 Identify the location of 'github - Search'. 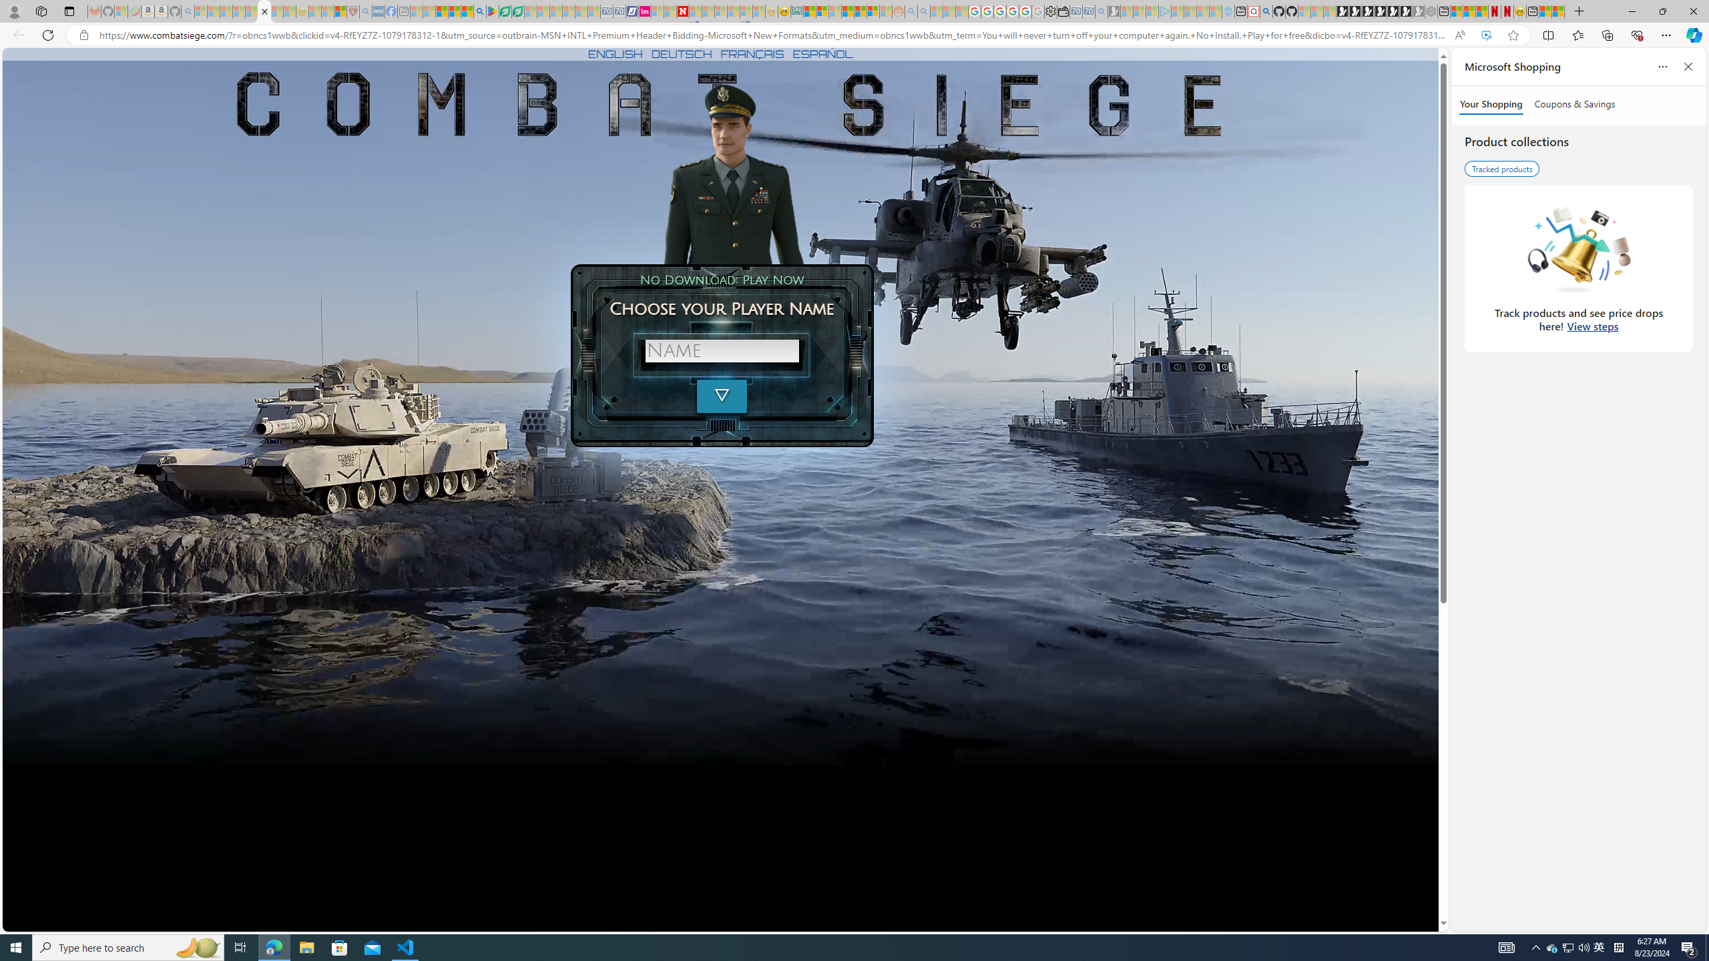
(1265, 11).